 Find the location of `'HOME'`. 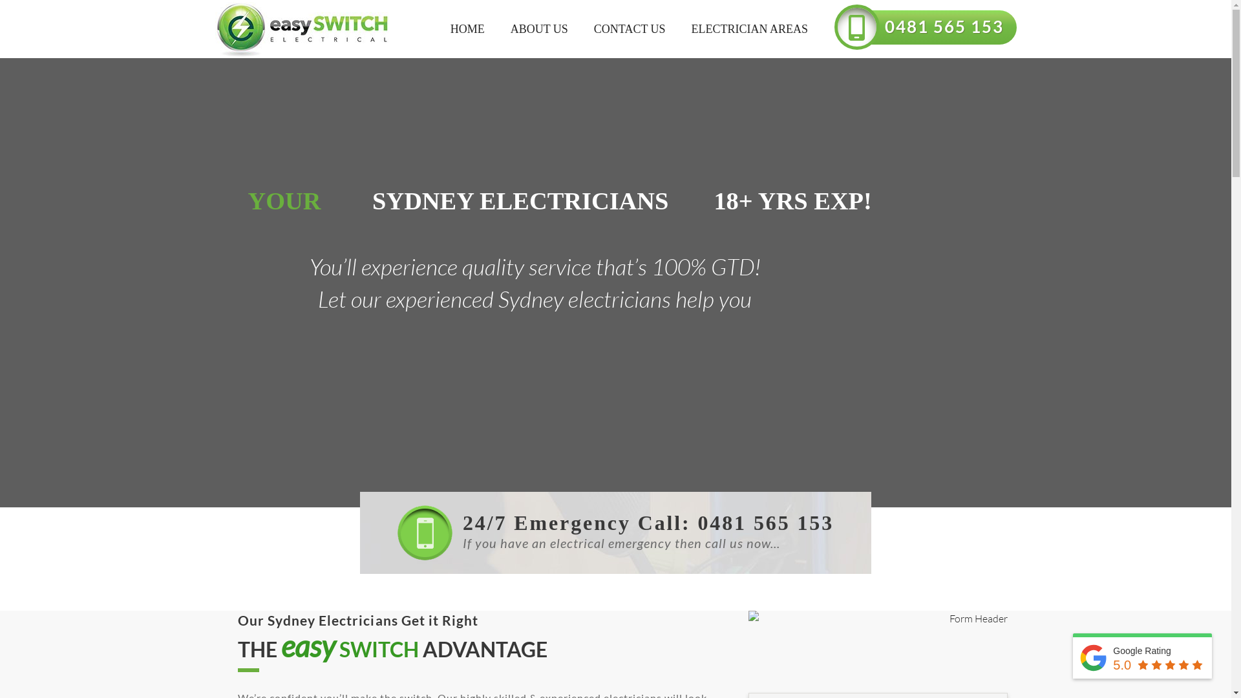

'HOME' is located at coordinates (467, 29).